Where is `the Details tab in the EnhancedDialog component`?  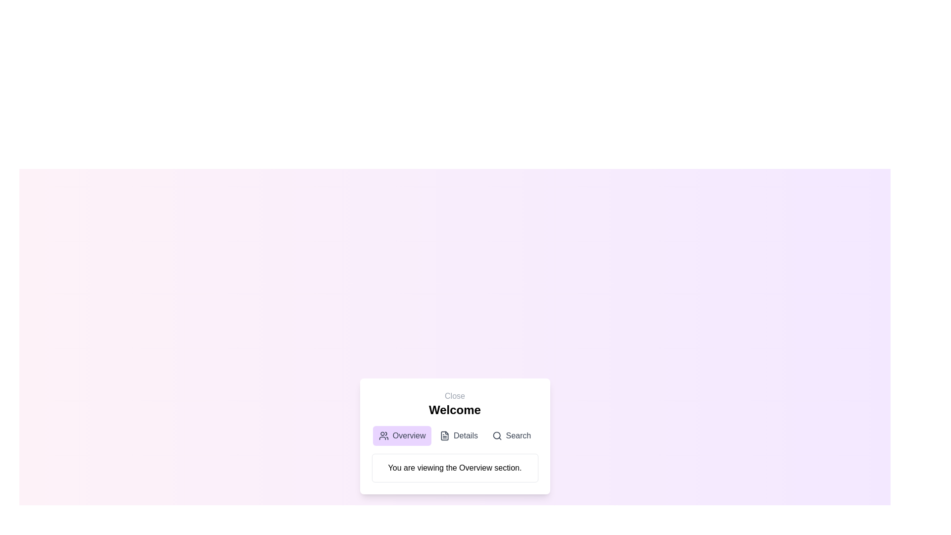 the Details tab in the EnhancedDialog component is located at coordinates (458, 435).